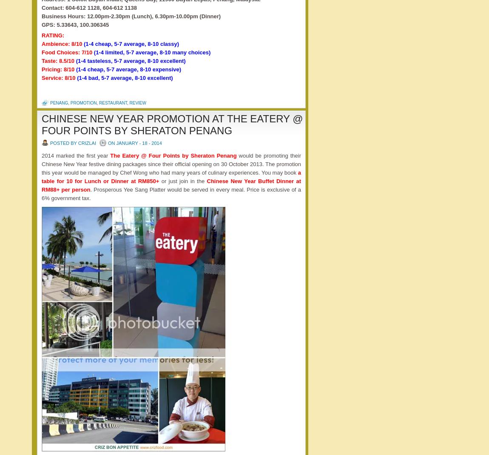  I want to click on 'Business Hours: 12.00pm-2.30pm (Lunch), 6.30pm-10.00pm (Dinner)', so click(131, 15).